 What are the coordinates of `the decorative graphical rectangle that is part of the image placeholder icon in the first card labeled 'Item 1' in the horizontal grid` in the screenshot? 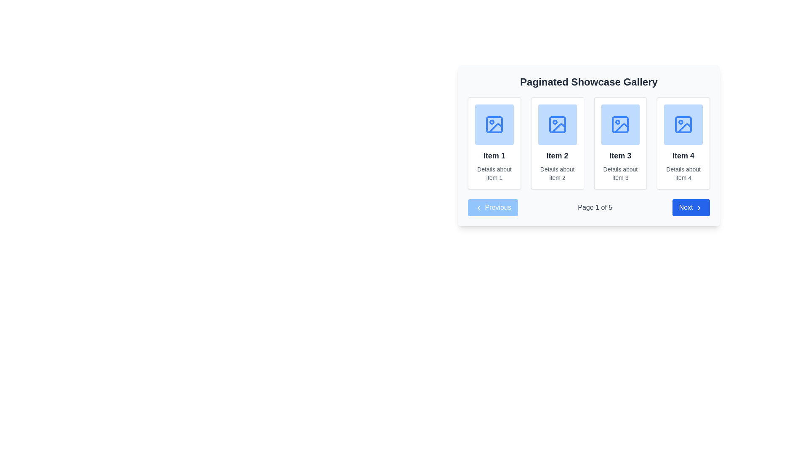 It's located at (494, 125).